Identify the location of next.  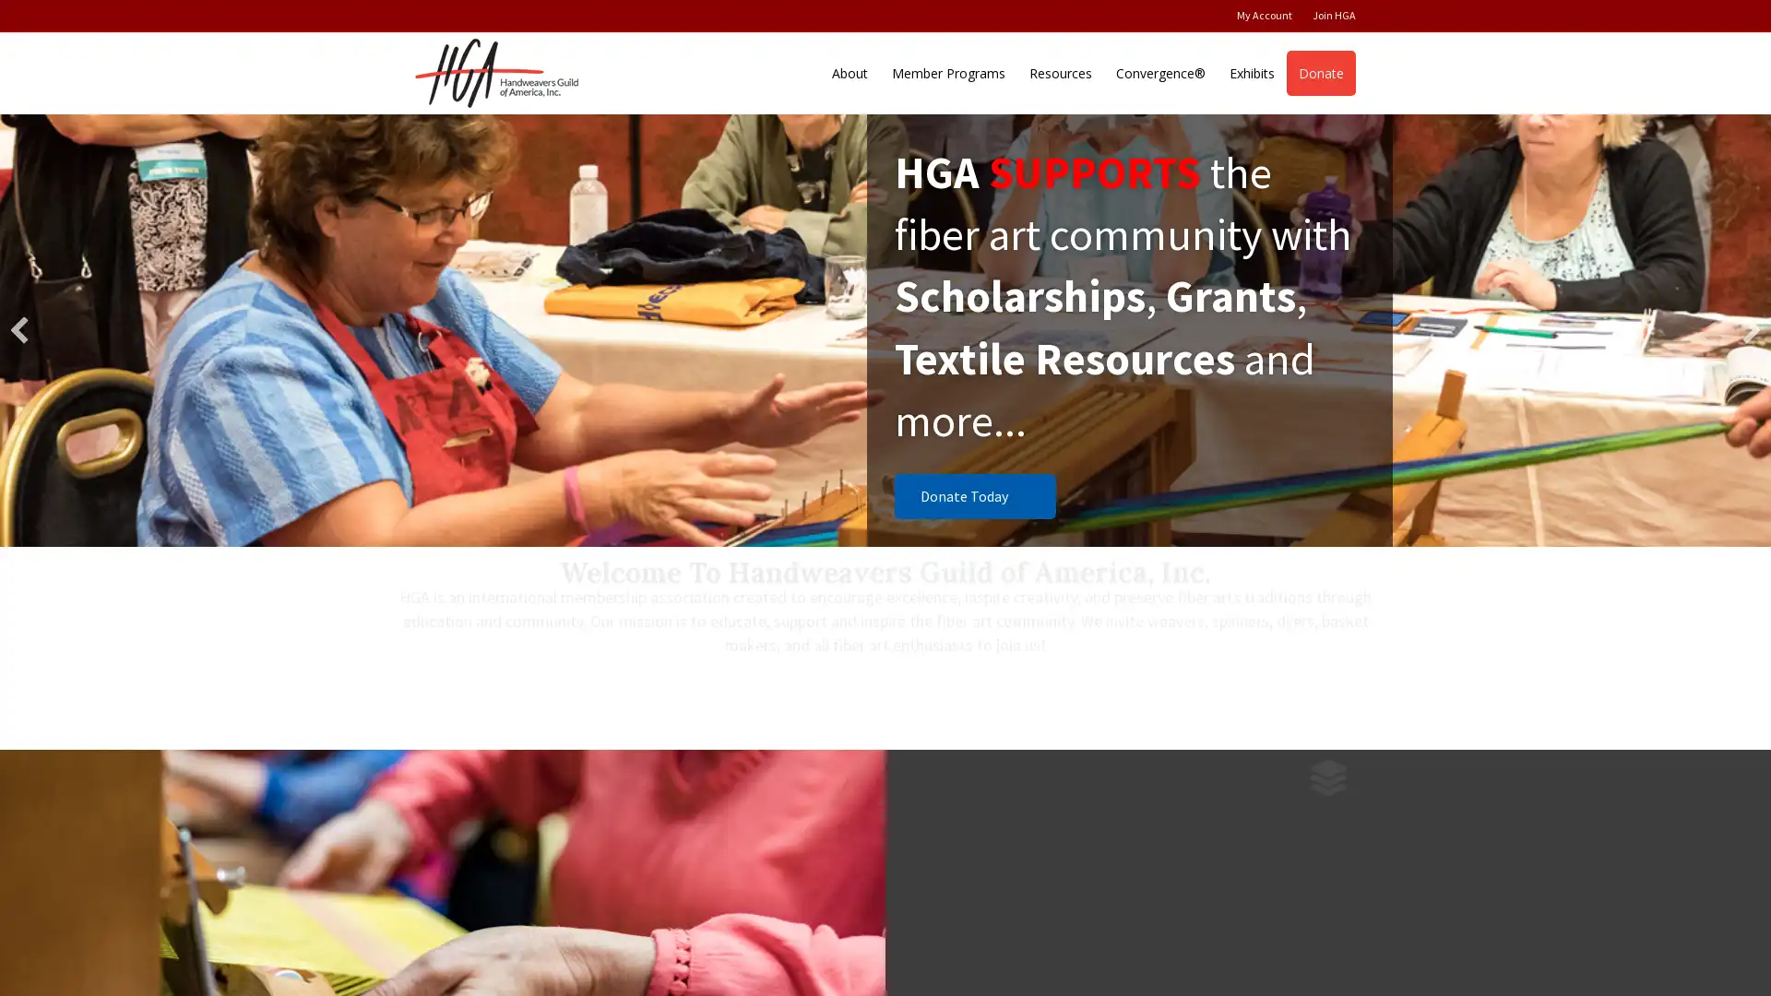
(1751, 329).